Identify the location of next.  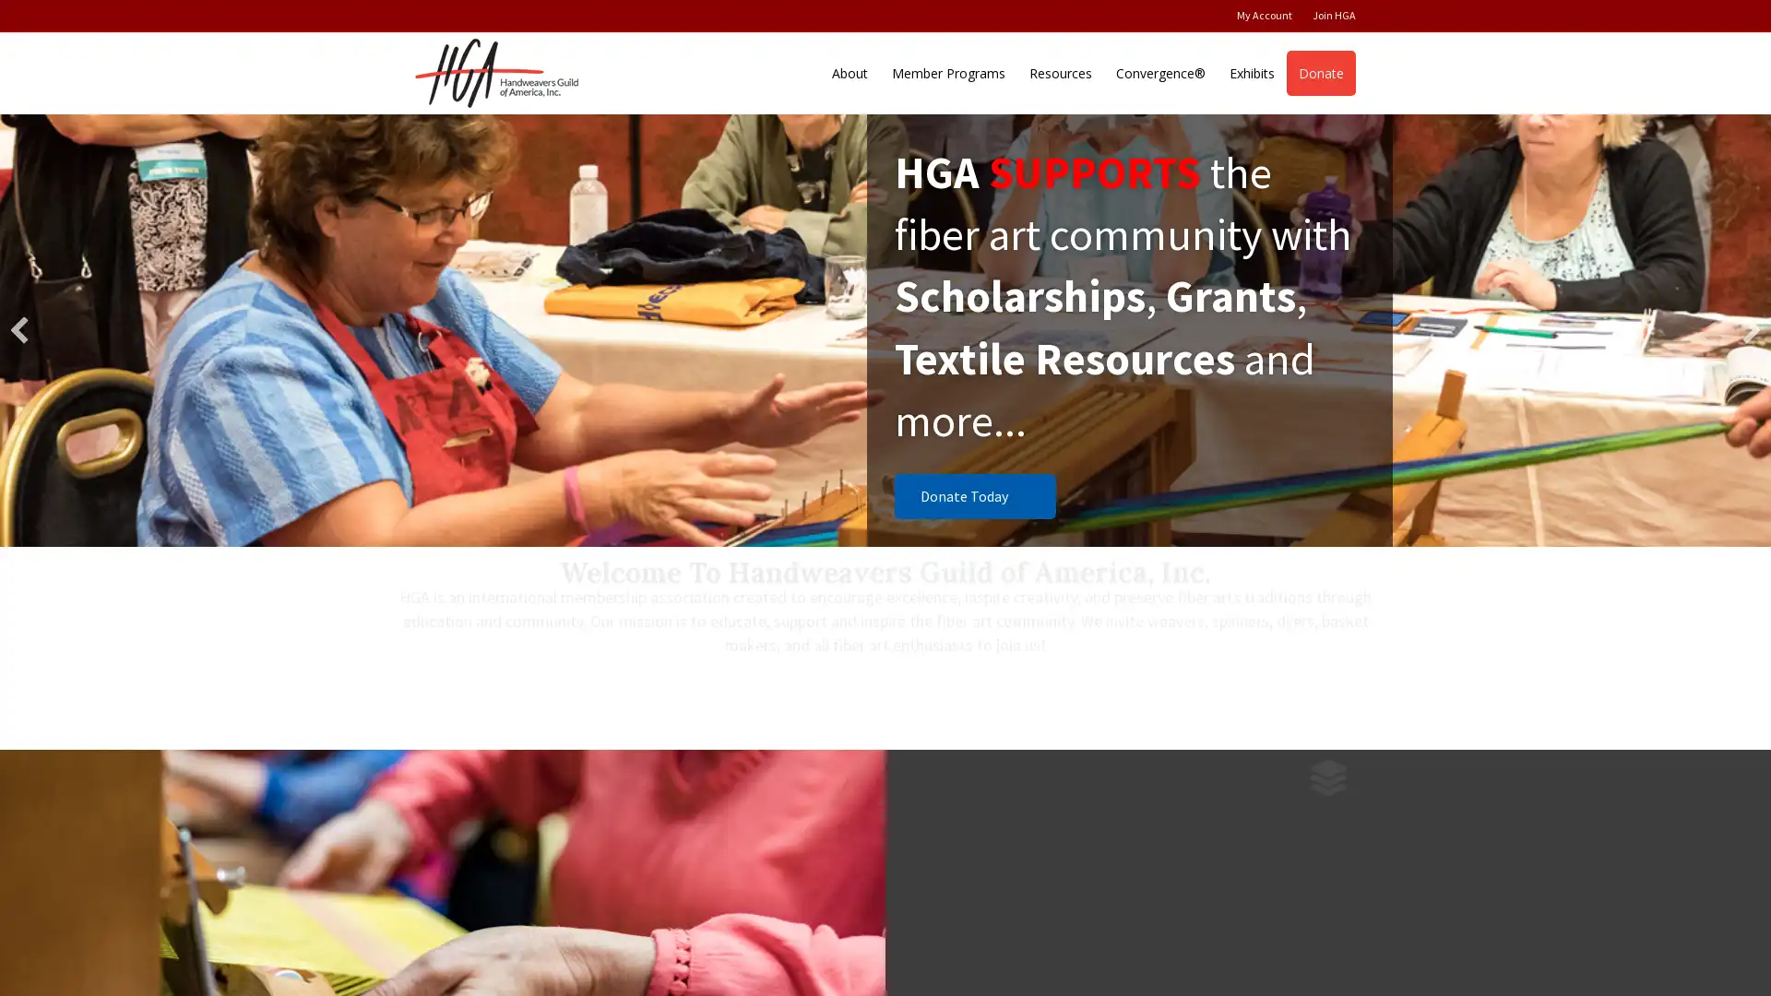
(1751, 329).